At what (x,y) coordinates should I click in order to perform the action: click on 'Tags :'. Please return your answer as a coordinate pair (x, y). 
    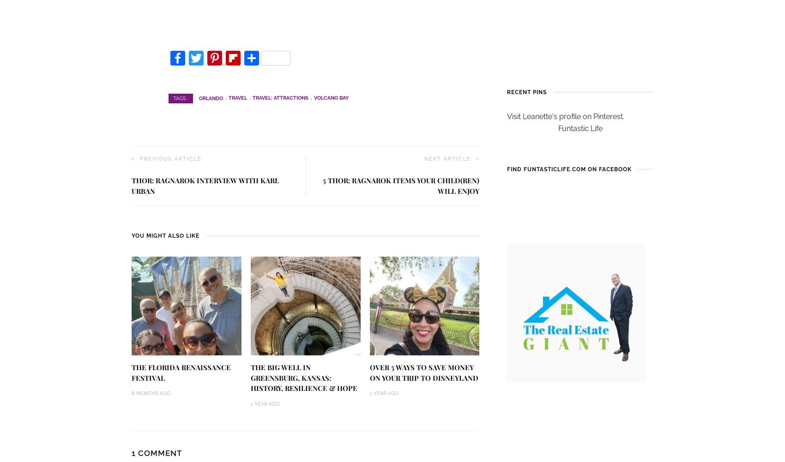
    Looking at the image, I should click on (173, 98).